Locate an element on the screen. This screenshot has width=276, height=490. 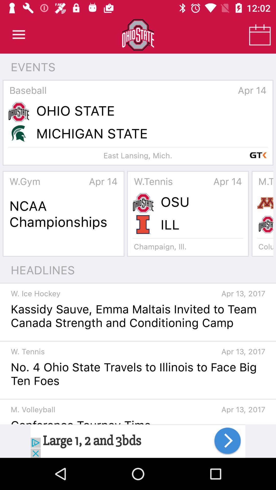
other website is located at coordinates (138, 441).